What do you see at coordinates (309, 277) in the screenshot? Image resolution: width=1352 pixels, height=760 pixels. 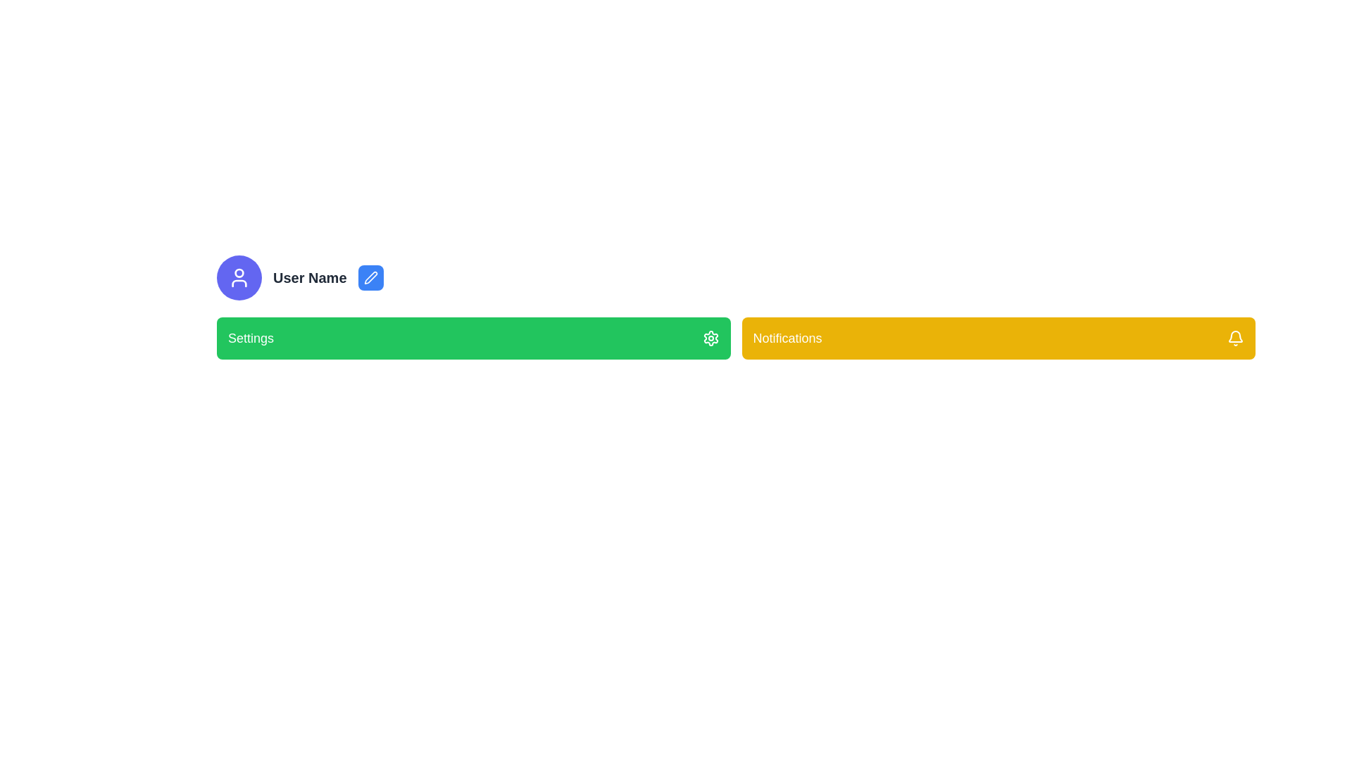 I see `the bold text label displaying 'User Name' which is located between a user icon and a button` at bounding box center [309, 277].